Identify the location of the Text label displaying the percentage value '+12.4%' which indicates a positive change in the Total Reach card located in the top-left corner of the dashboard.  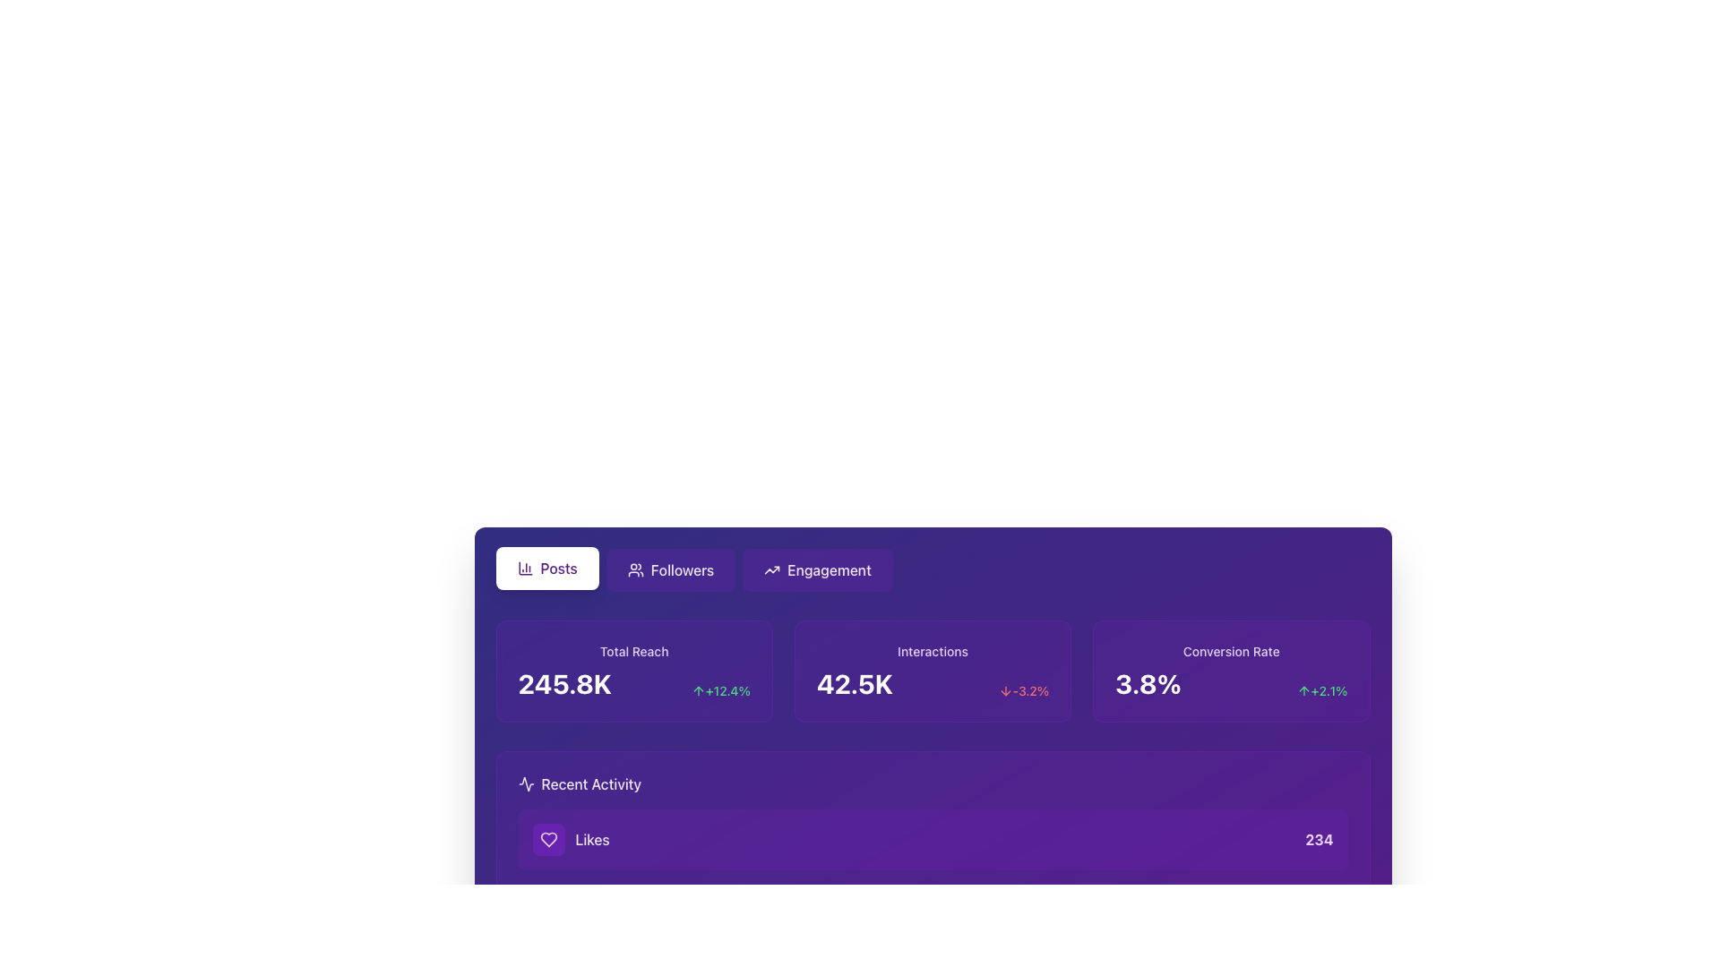
(720, 689).